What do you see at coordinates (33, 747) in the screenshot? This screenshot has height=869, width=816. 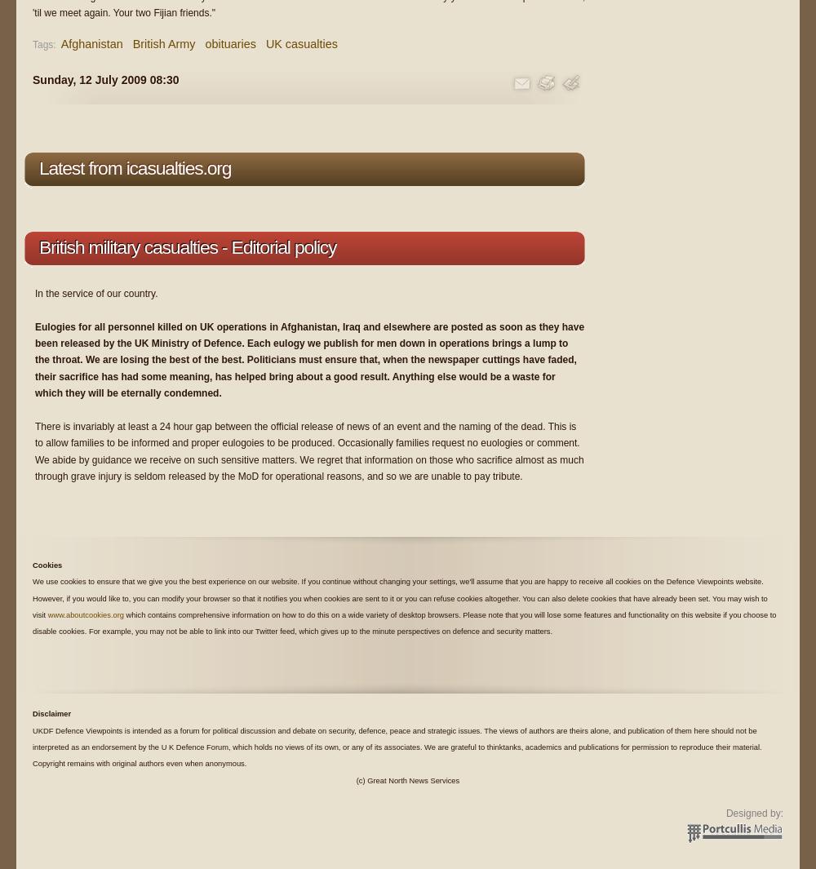 I see `'UKDF Defence Viewpoints is intended as a forum for political discussion and debate on security, defence, peace and strategic issues. The views of authors are theirs alone, and publication of them here should not be interpreted as an endorsement by the U K Defence Forum, which holds no views of its own, or any of its associates. We are grateful to thinktanks, academics and publications for permission to reproduce their material. Copyright remains with original authors even when anonymous.'` at bounding box center [33, 747].